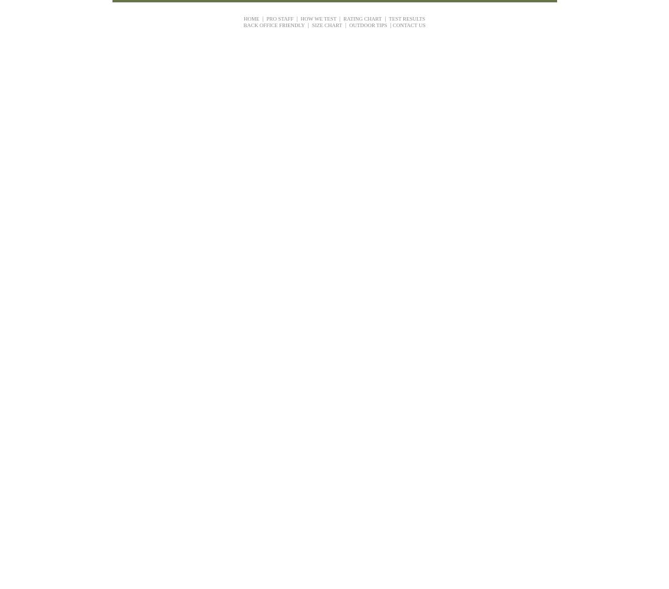  What do you see at coordinates (409, 25) in the screenshot?
I see `'CONTACT US'` at bounding box center [409, 25].